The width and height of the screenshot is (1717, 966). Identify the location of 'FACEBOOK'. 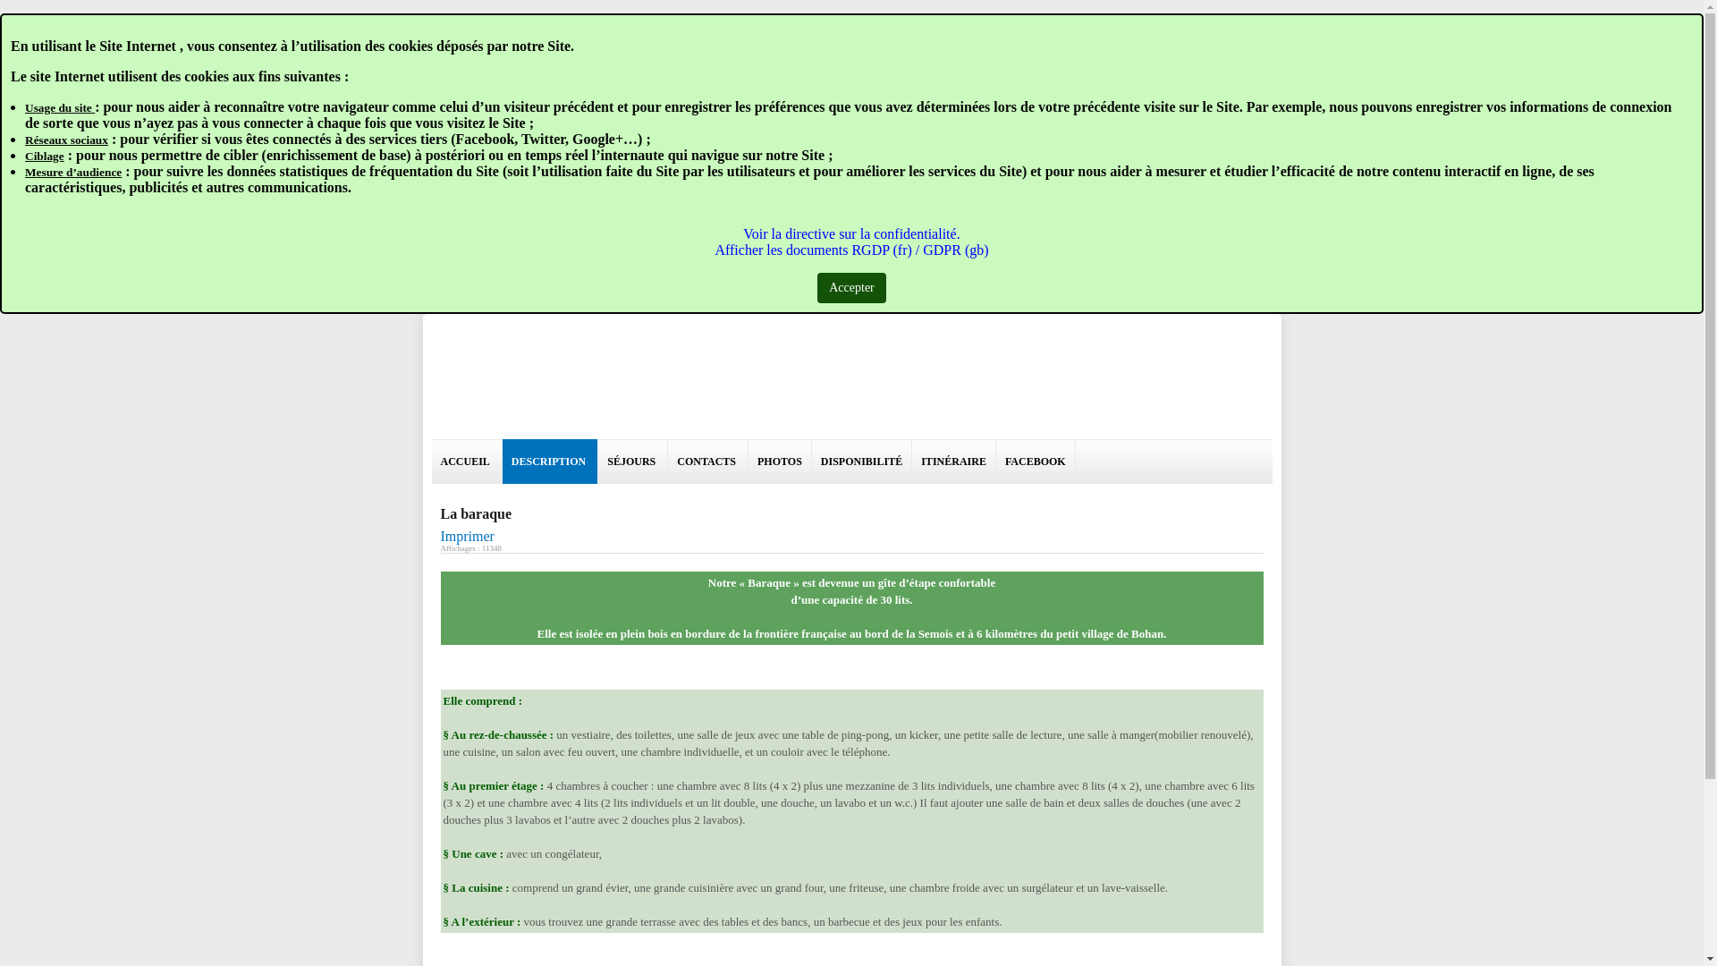
(1036, 461).